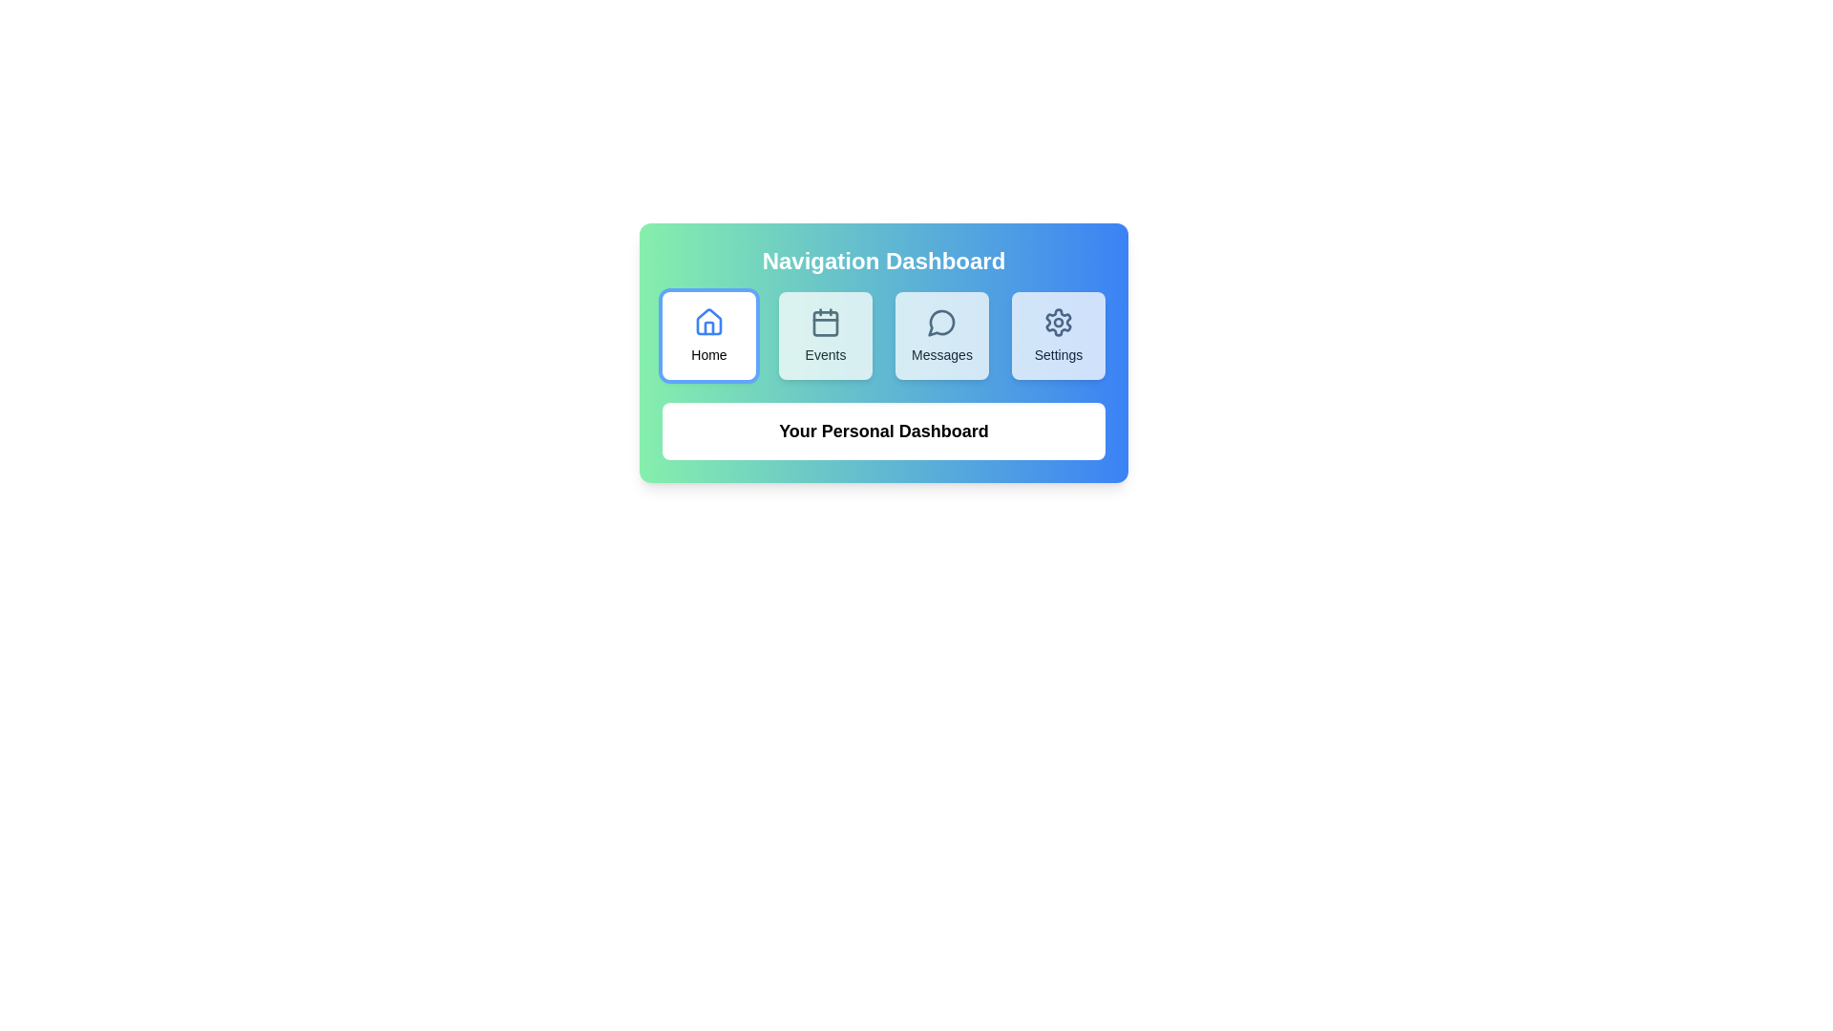 Image resolution: width=1833 pixels, height=1031 pixels. I want to click on the text label that reads 'Your Personal Dashboard,' which is bold and prominently displayed below the group of buttons labeled 'Home,' 'Events,' 'Messages,' and 'Settings.', so click(883, 431).